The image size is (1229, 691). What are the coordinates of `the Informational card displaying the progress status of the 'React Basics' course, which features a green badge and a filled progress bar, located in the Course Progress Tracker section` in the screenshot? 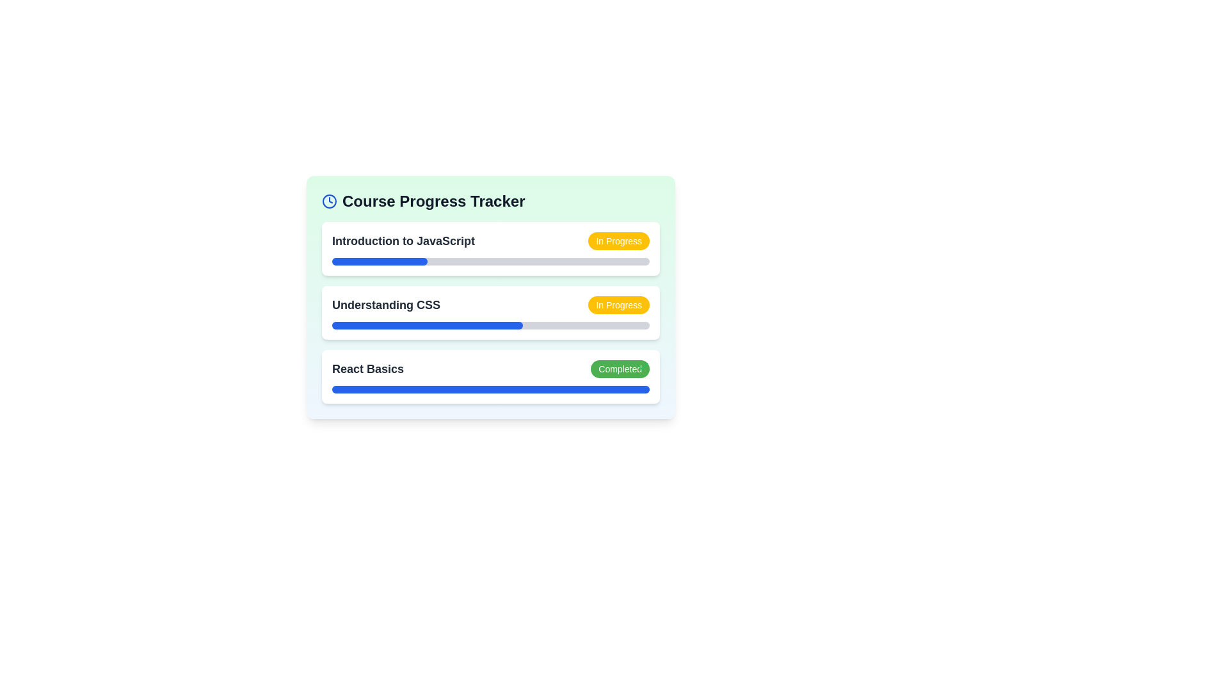 It's located at (490, 376).